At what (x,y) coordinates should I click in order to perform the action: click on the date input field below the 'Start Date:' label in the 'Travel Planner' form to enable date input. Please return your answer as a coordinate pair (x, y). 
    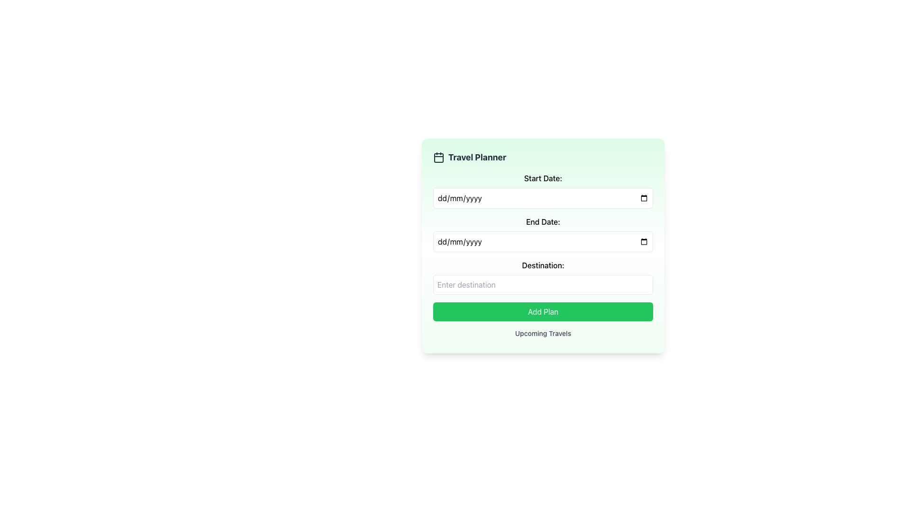
    Looking at the image, I should click on (543, 198).